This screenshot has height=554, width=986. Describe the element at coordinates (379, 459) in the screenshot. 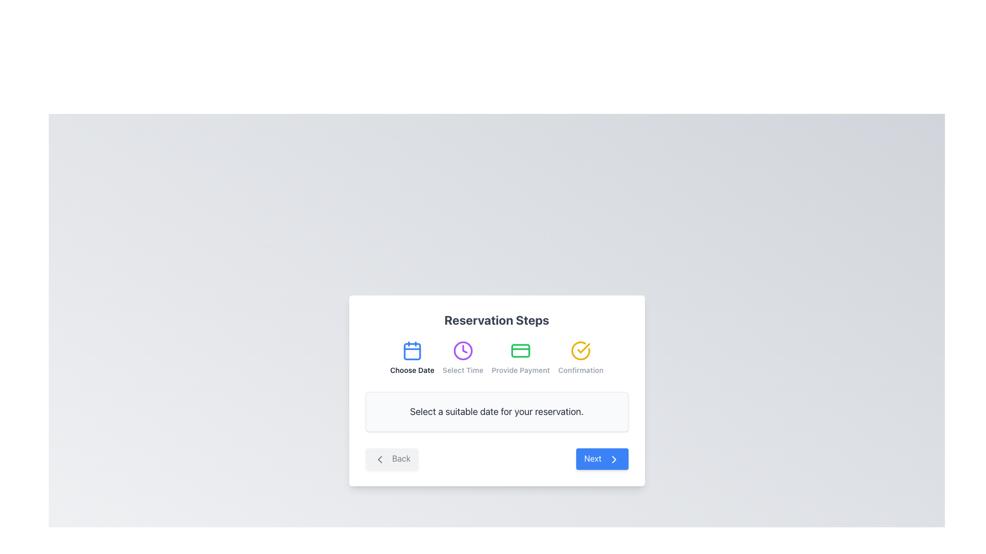

I see `the chevron icon on the left side of the 'Back' button, which serves as a visual cue for navigation` at that location.